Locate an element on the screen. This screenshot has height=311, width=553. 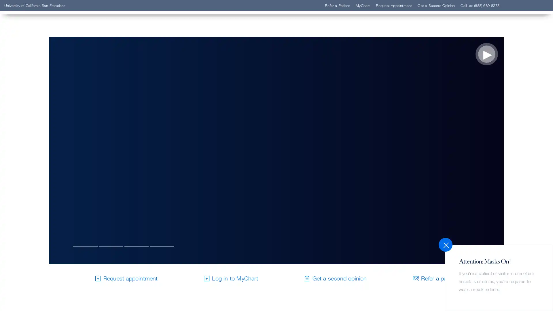
Locations & Directions is located at coordinates (51, 128).